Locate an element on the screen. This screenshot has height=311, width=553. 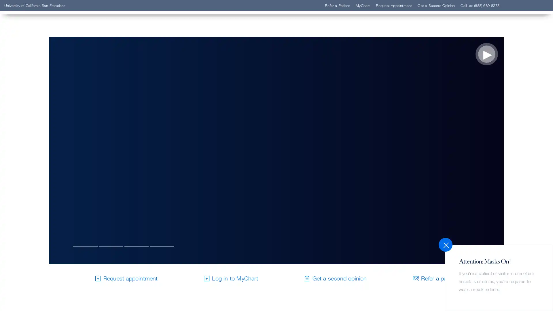
Locations & Directions is located at coordinates (51, 128).